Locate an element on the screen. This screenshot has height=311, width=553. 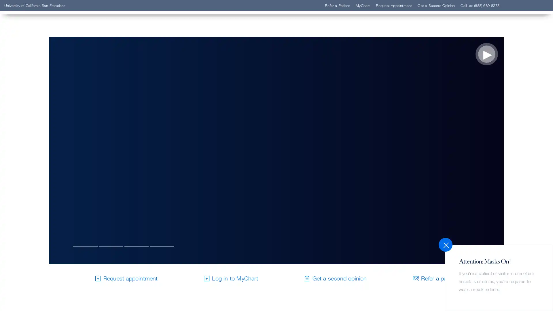
Locations & Directions is located at coordinates (51, 128).